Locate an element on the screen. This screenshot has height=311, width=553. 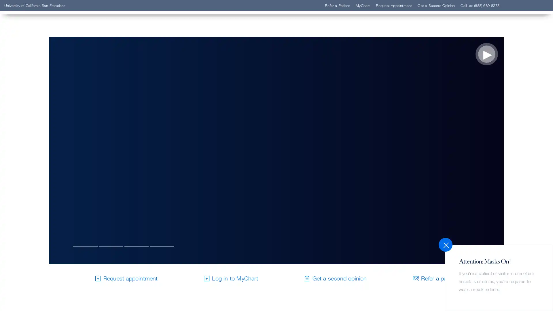
Locations & Directions is located at coordinates (51, 128).